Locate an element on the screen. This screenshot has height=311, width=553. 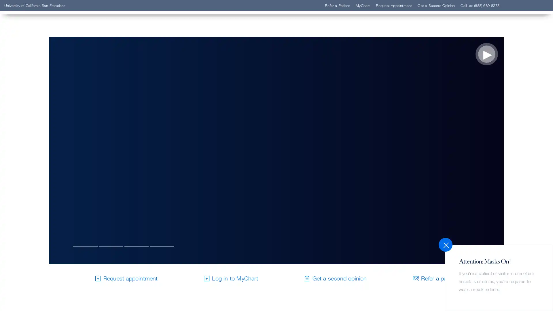
Locations & Directions is located at coordinates (51, 128).